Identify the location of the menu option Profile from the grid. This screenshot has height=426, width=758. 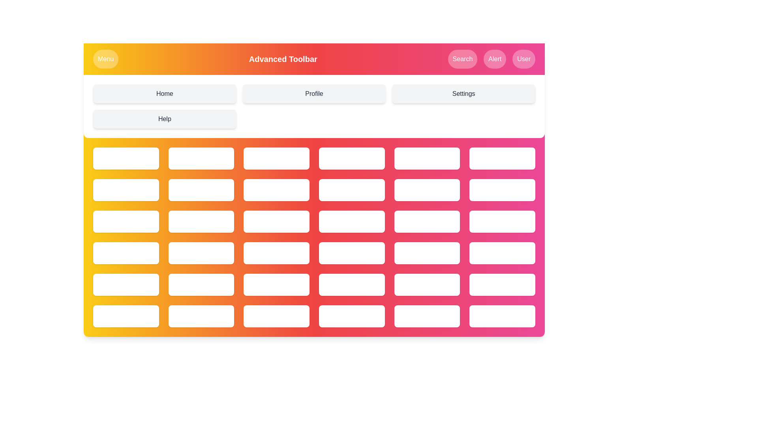
(314, 93).